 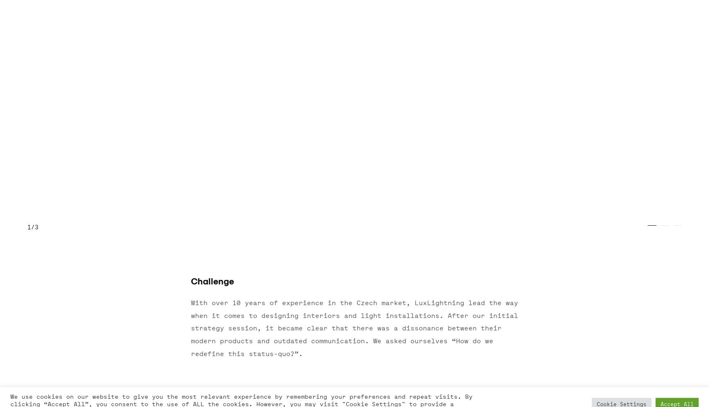 I want to click on 'Ventures', so click(x=235, y=381).